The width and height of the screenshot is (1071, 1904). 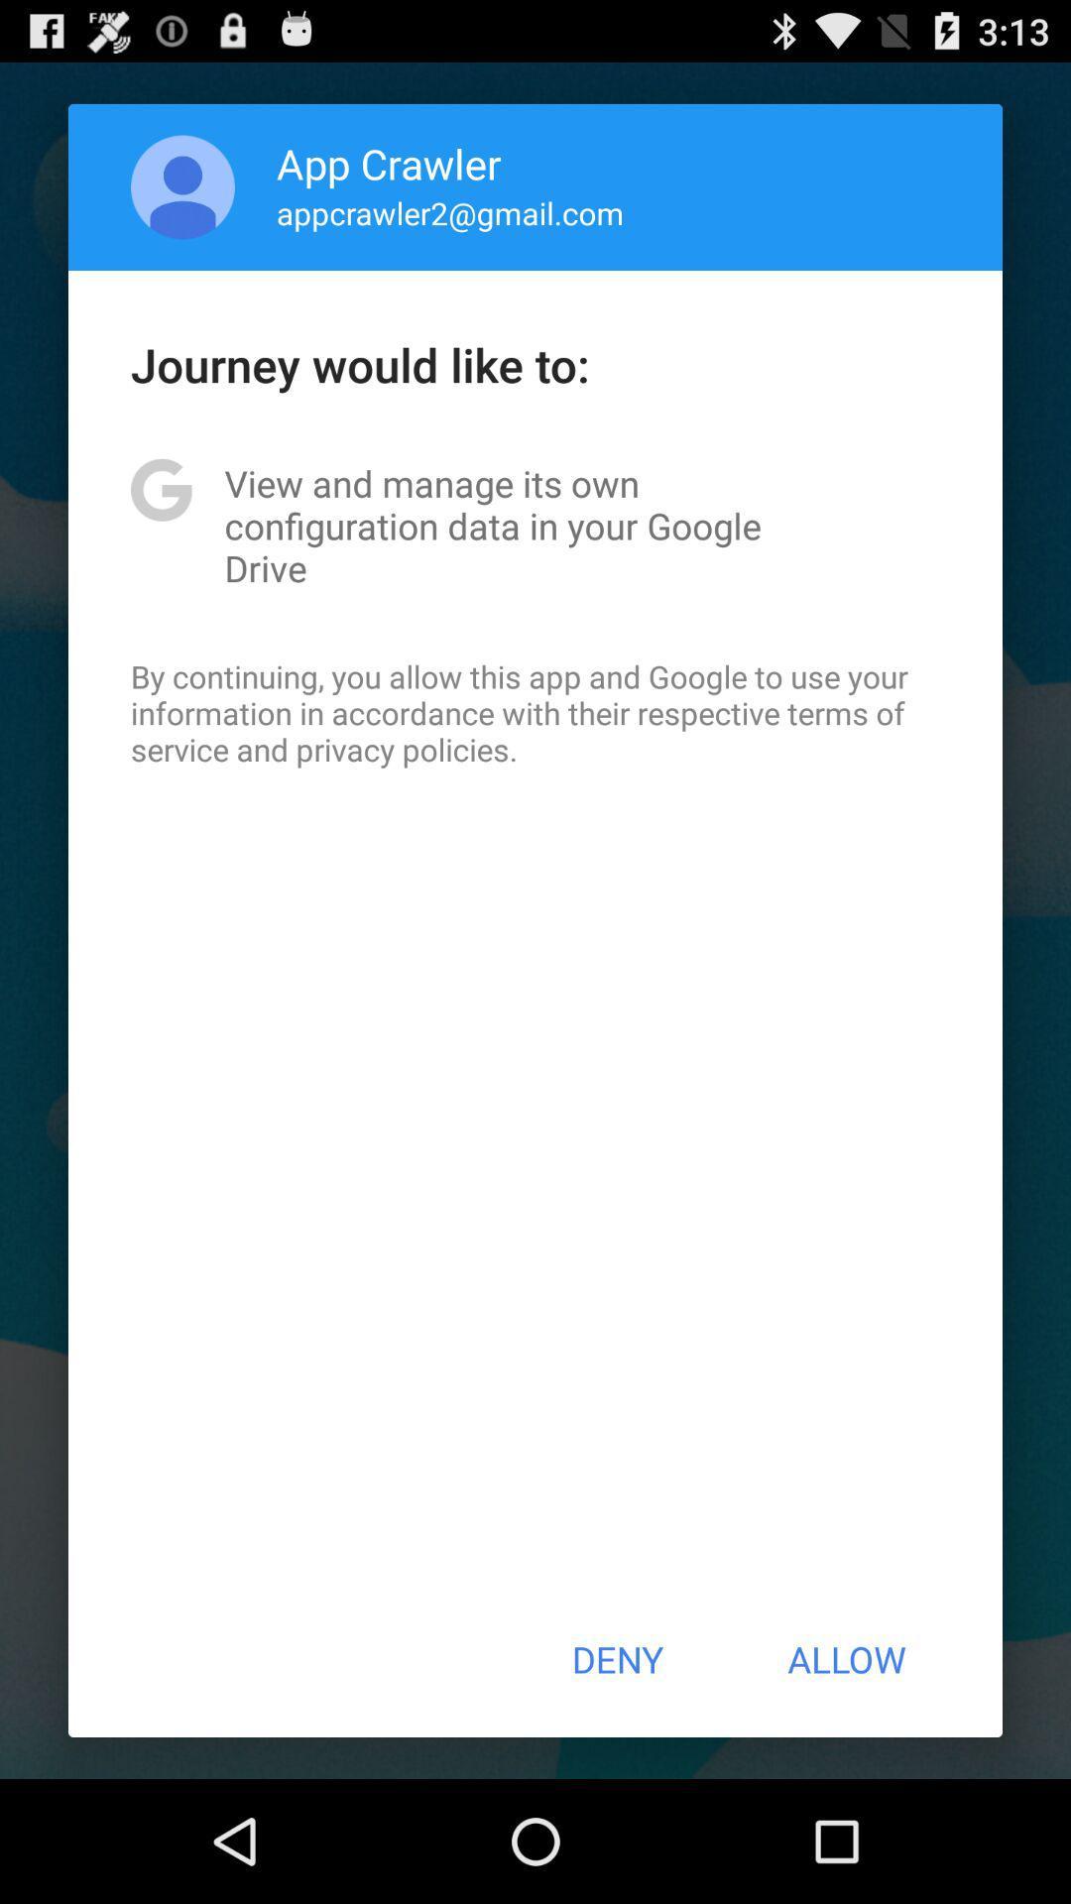 I want to click on app below journey would like app, so click(x=535, y=526).